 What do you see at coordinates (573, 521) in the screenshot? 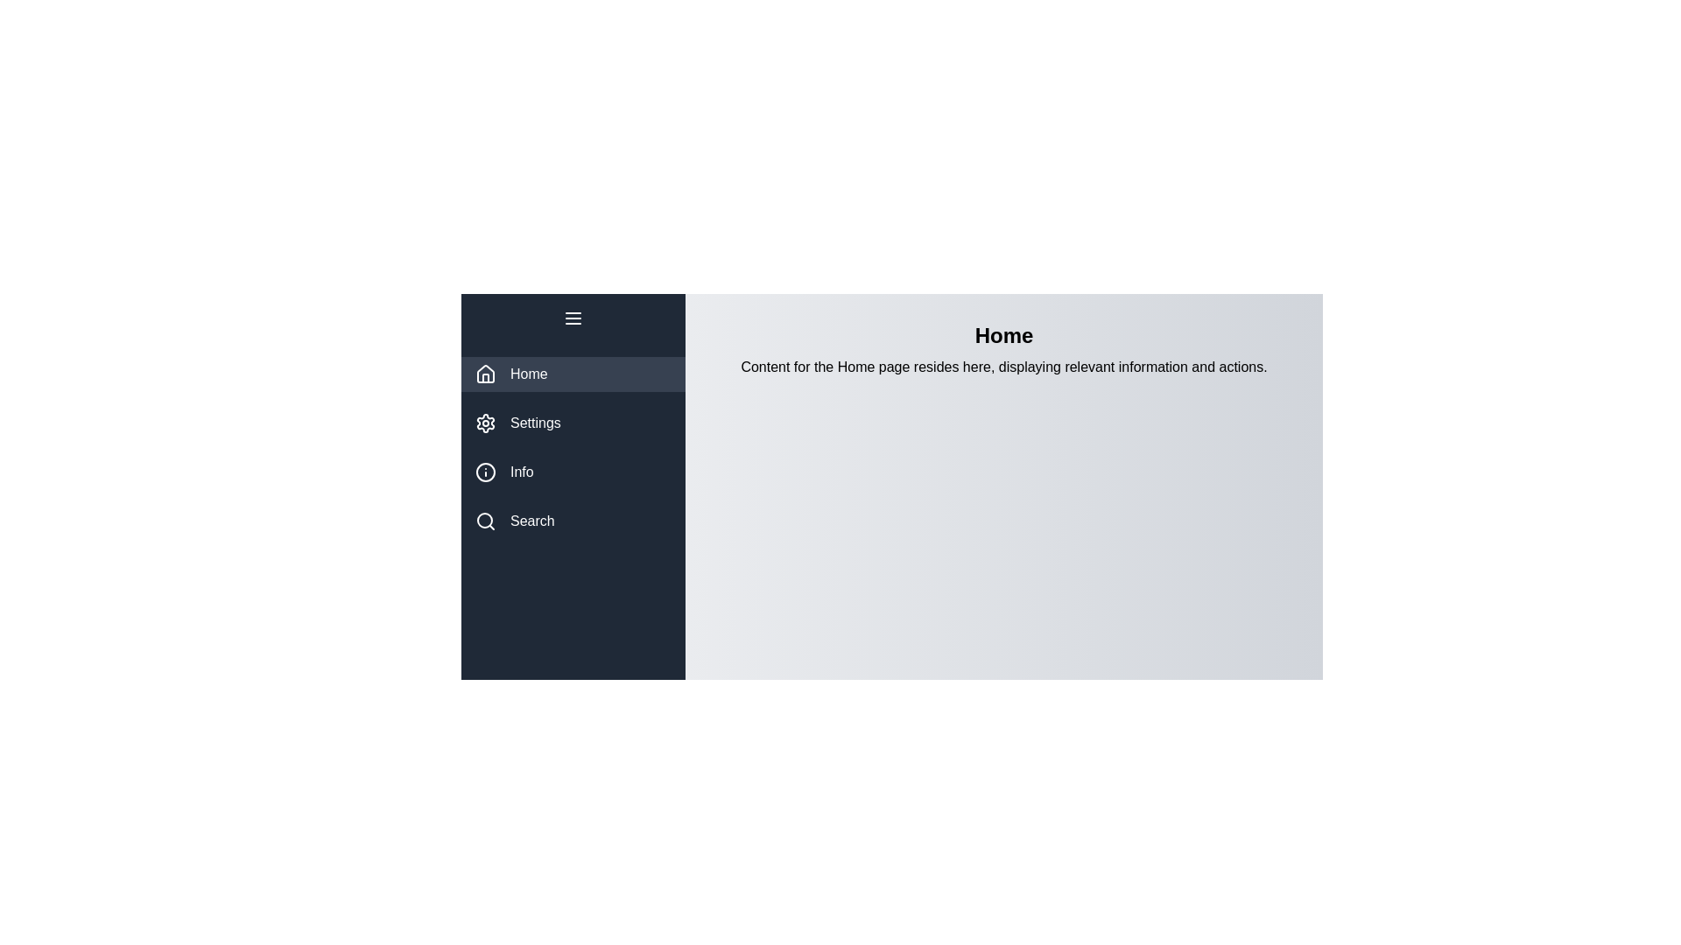
I see `the tab Search from the menu` at bounding box center [573, 521].